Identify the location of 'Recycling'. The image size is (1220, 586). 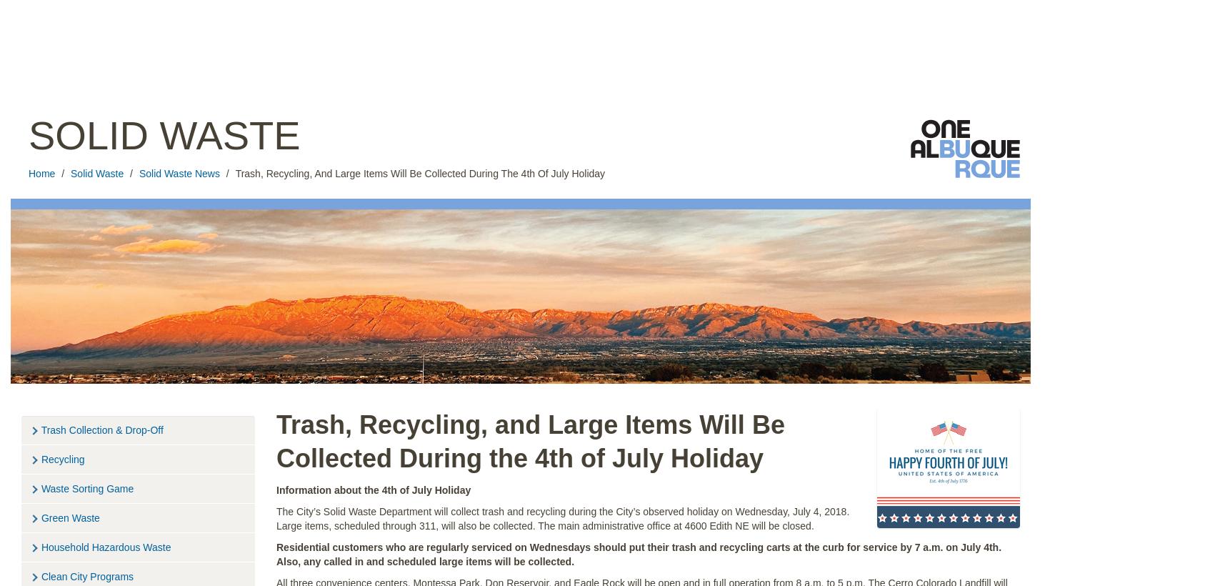
(61, 457).